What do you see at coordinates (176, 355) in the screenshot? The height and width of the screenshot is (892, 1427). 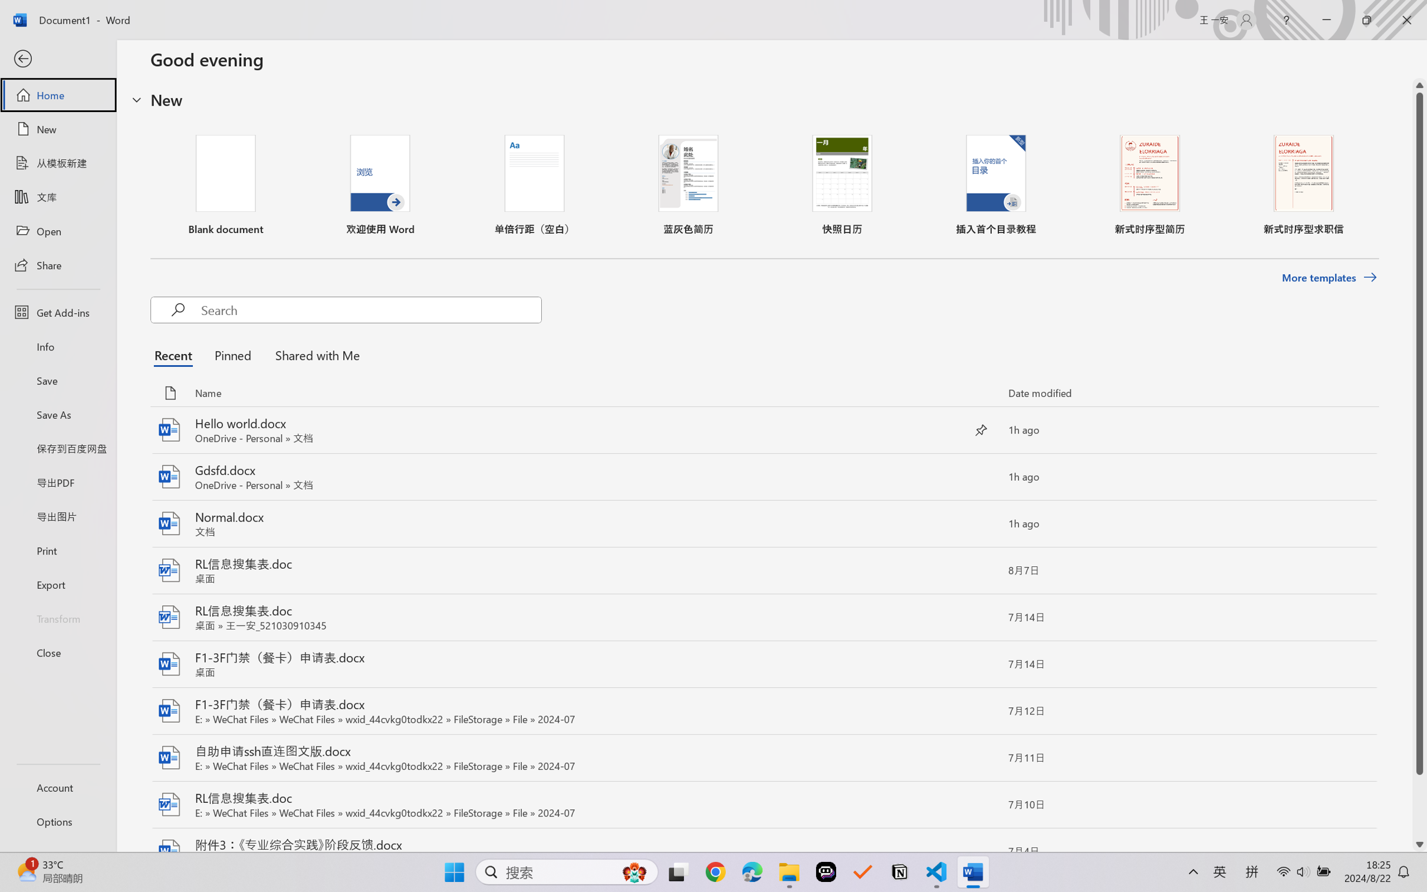 I see `'Recent'` at bounding box center [176, 355].